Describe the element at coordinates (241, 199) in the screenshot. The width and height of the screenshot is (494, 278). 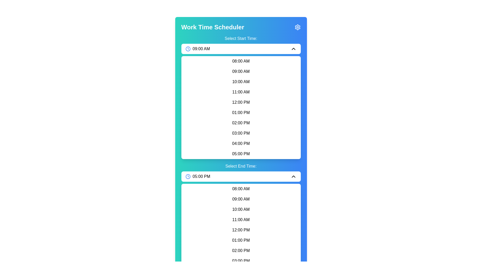
I see `the text element displaying '09:00 AM' in the dropdown menu` at that location.